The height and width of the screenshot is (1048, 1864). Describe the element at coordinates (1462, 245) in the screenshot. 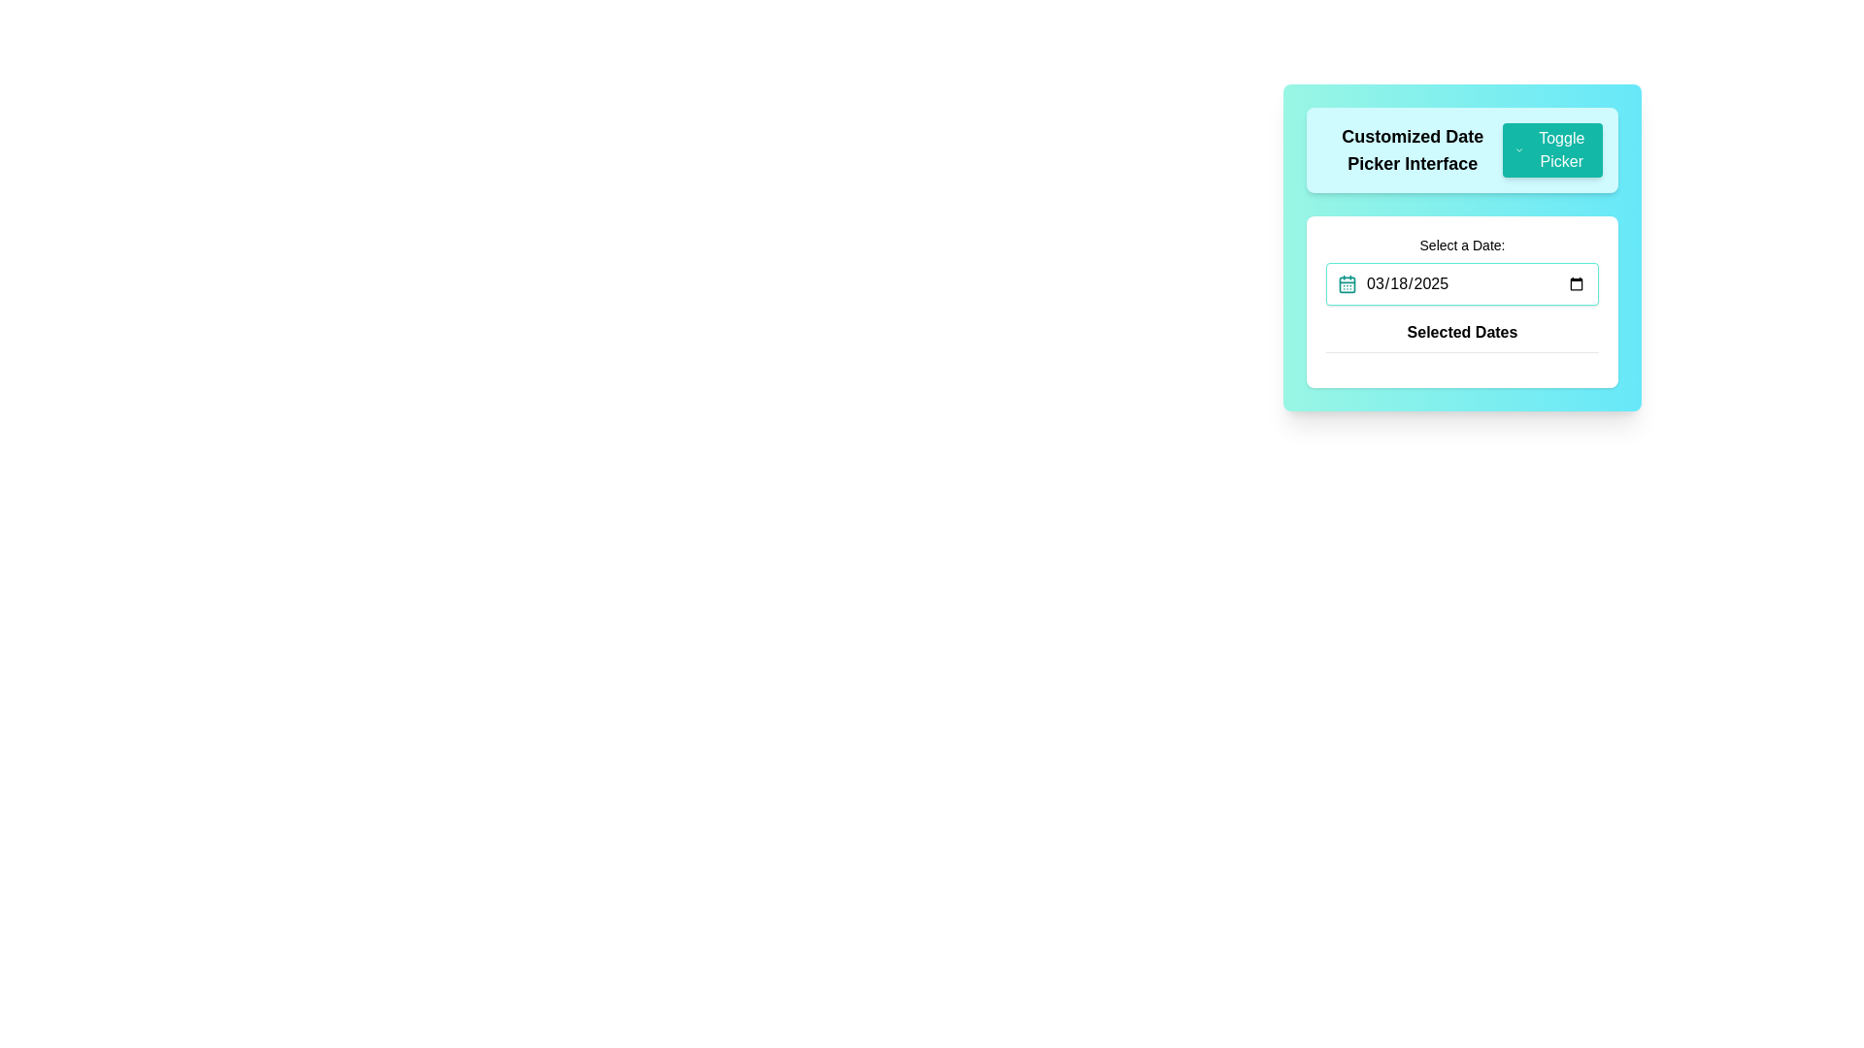

I see `the label that says 'Select a Date:', which is styled in a small, bold font and is positioned above the date input box in the date picker interface` at that location.